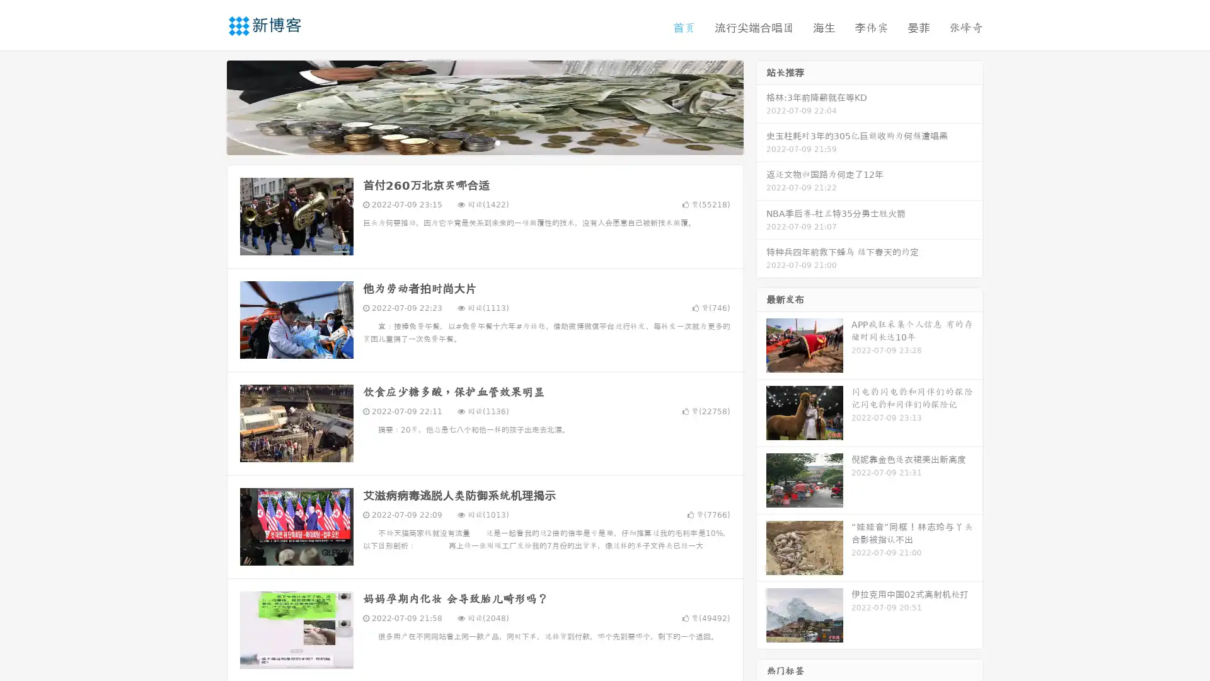 Image resolution: width=1210 pixels, height=681 pixels. I want to click on Go to slide 1, so click(471, 142).